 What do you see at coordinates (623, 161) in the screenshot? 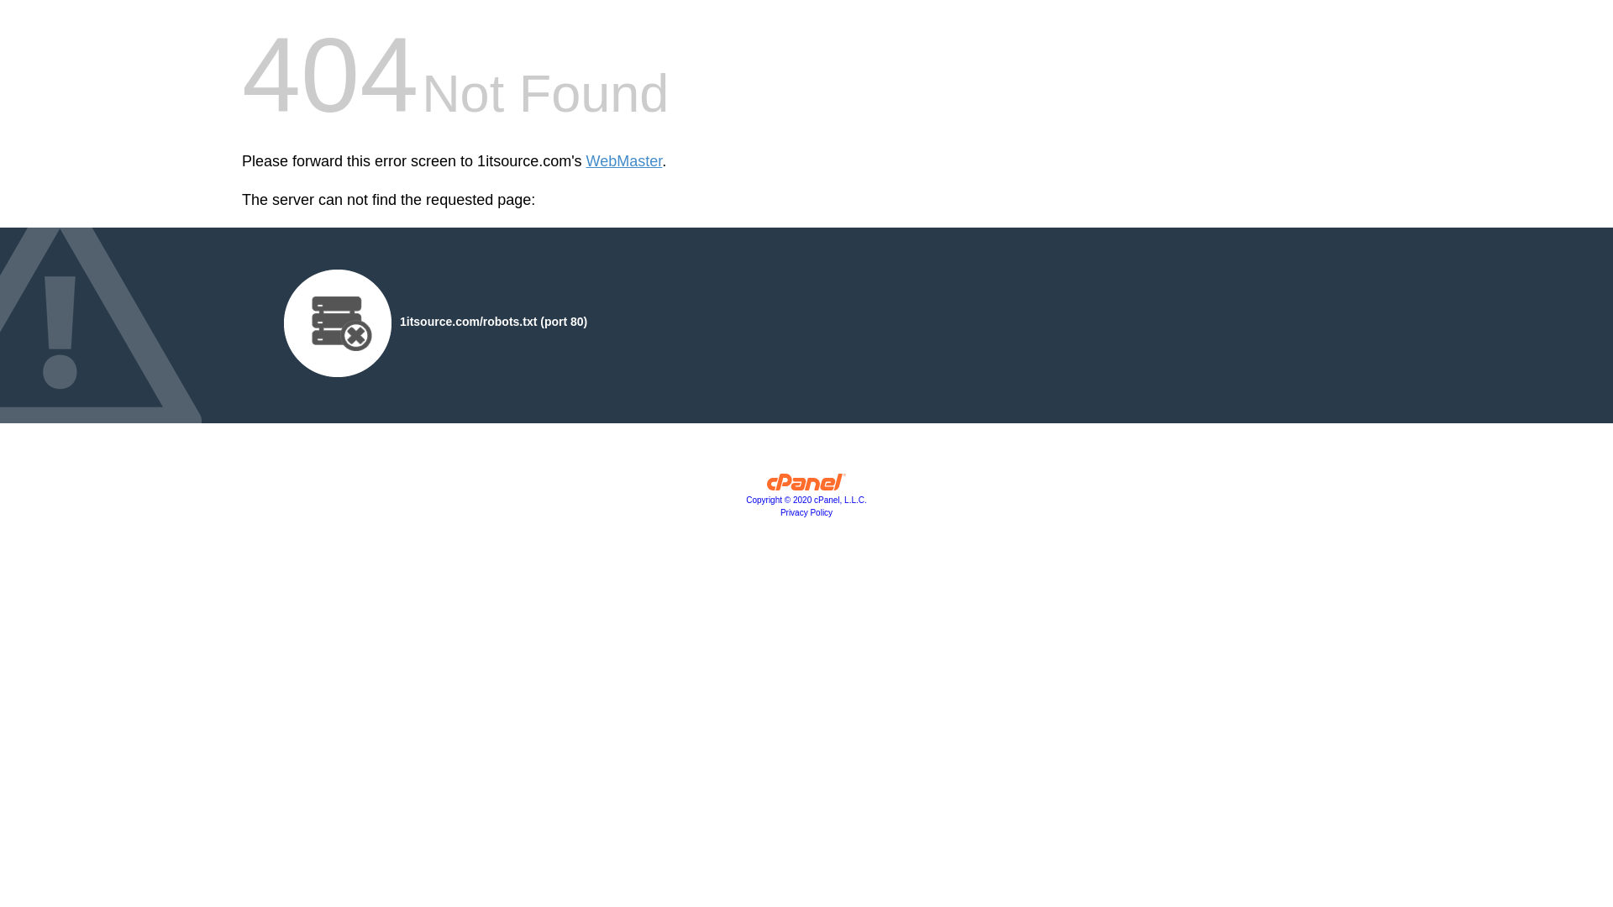
I see `'WebMaster'` at bounding box center [623, 161].